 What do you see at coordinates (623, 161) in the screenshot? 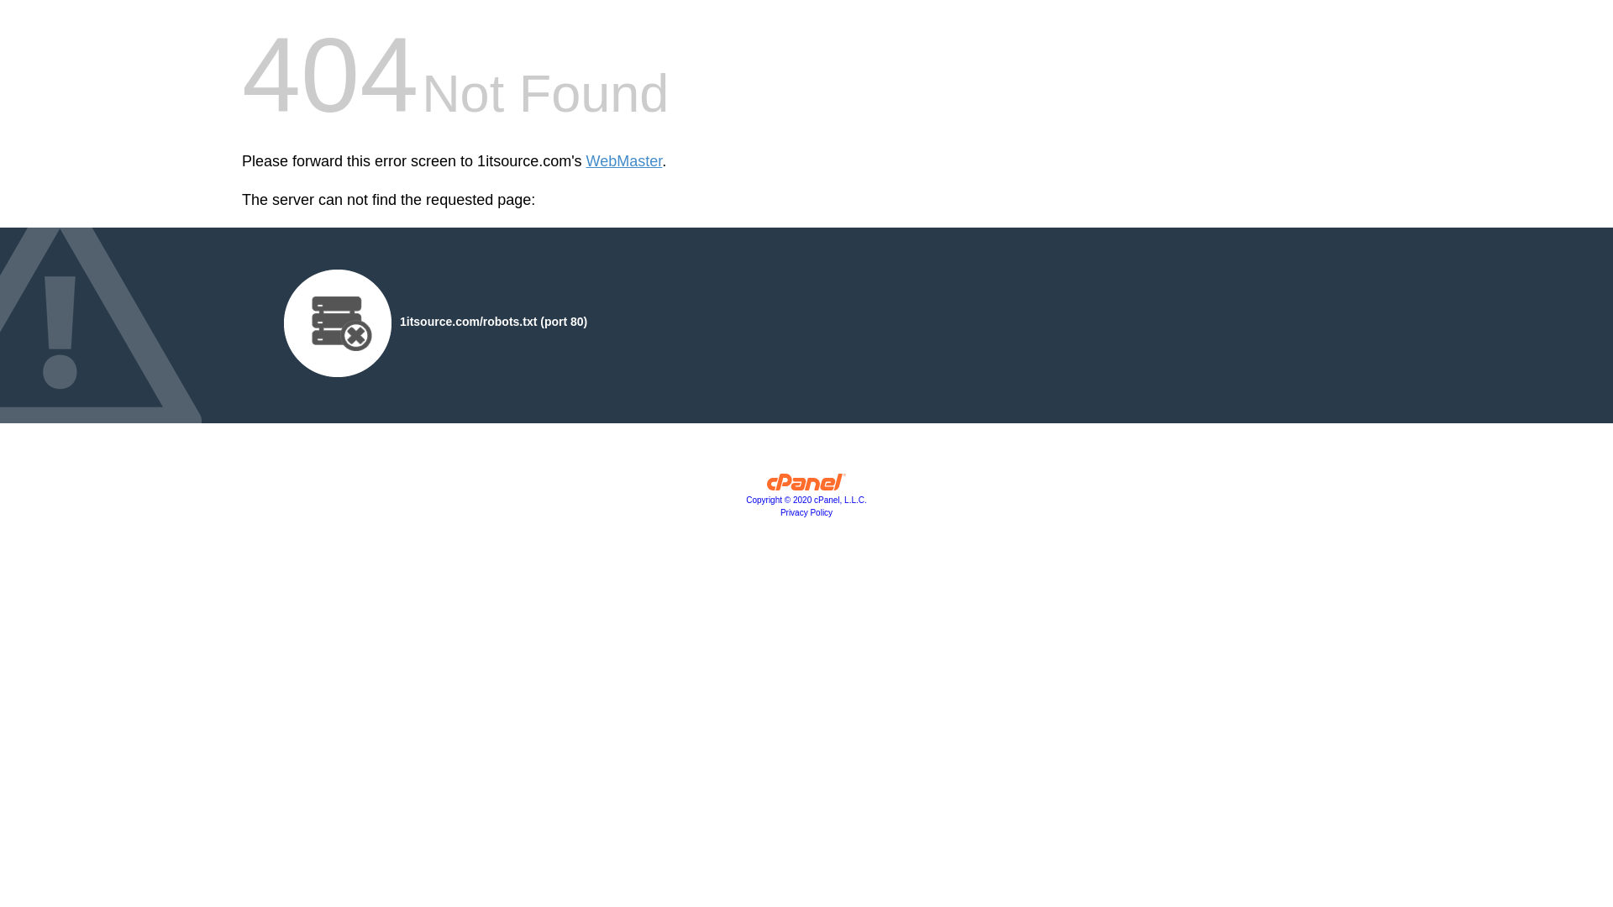
I see `'WebMaster'` at bounding box center [623, 161].